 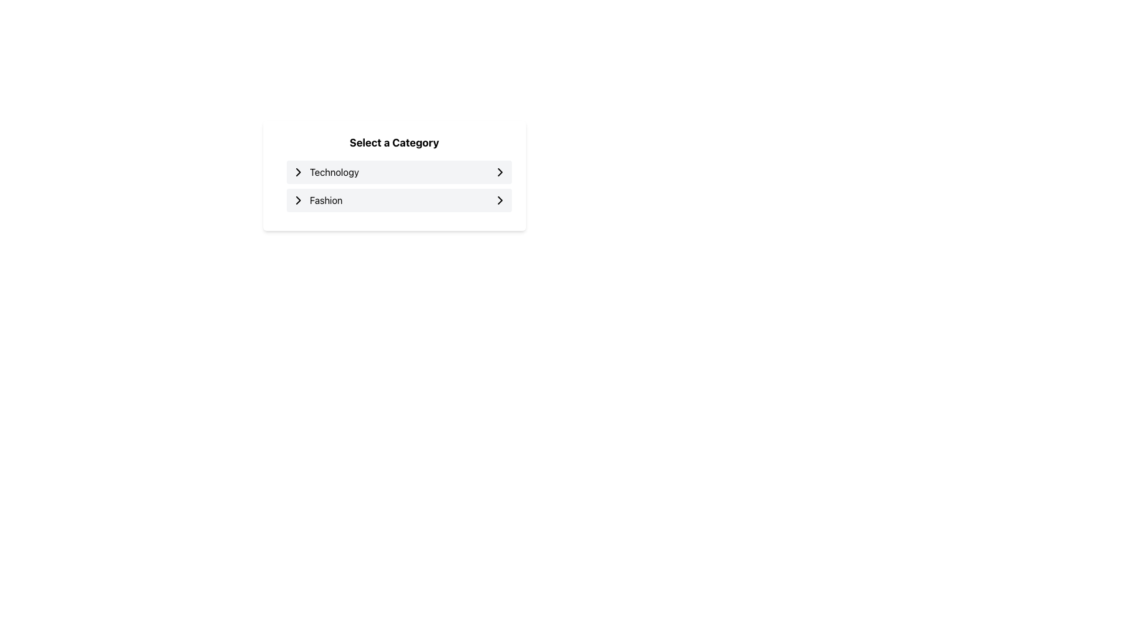 What do you see at coordinates (500, 200) in the screenshot?
I see `the right-facing chevron icon in the 'Fashion' category` at bounding box center [500, 200].